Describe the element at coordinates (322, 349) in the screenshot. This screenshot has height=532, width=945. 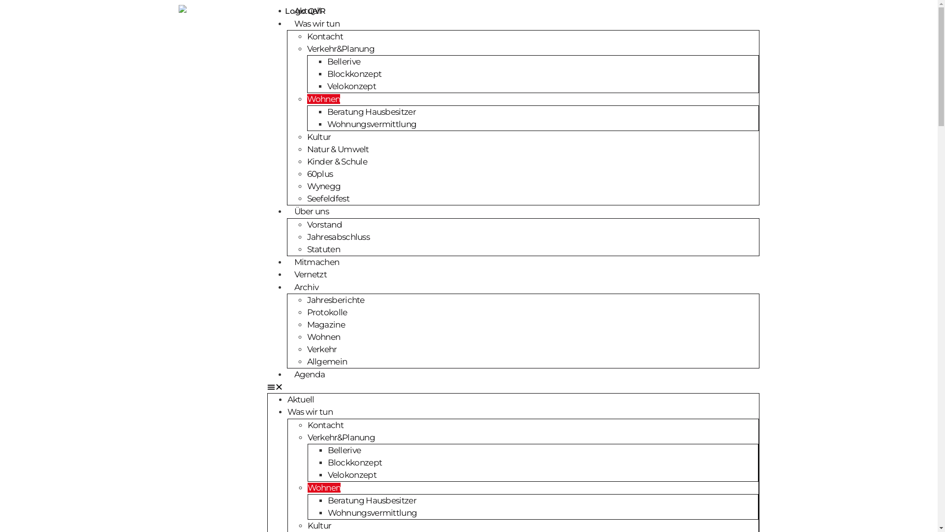
I see `'Verkehr'` at that location.